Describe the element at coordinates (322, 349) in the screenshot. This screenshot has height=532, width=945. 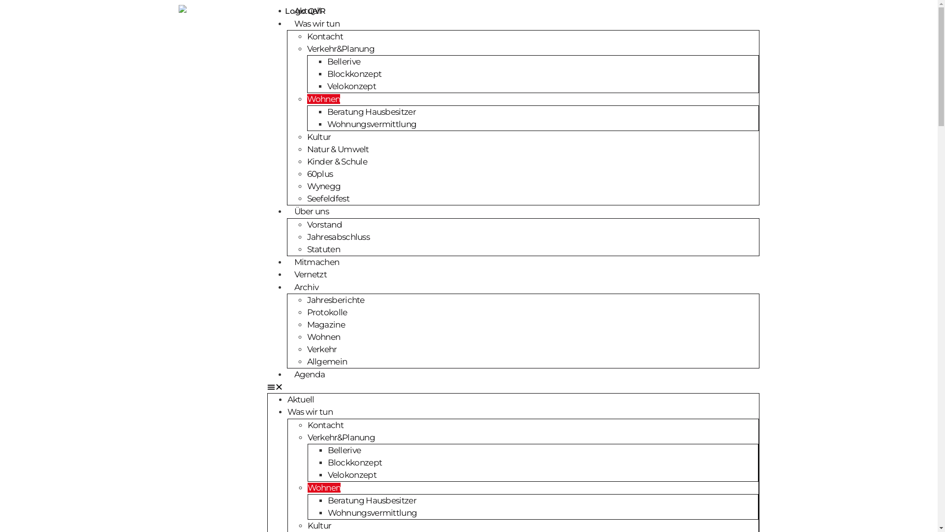
I see `'Verkehr'` at that location.